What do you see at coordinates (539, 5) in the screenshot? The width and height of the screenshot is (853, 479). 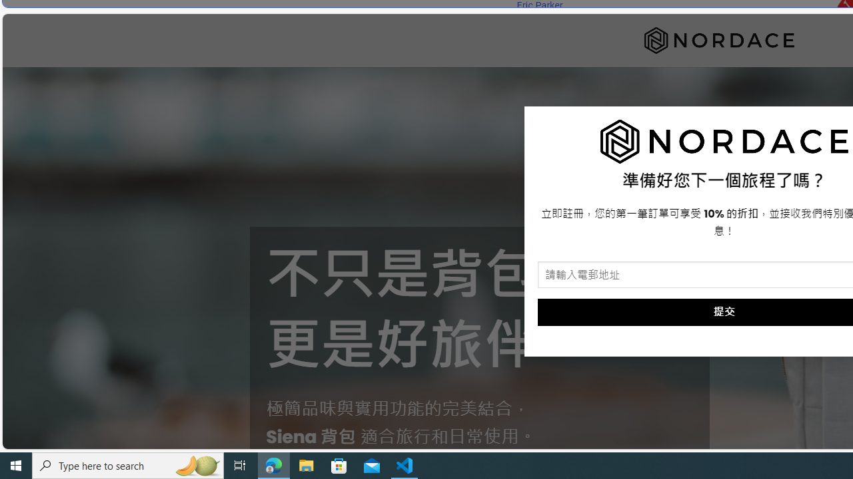 I see `'Eric Parker'` at bounding box center [539, 5].